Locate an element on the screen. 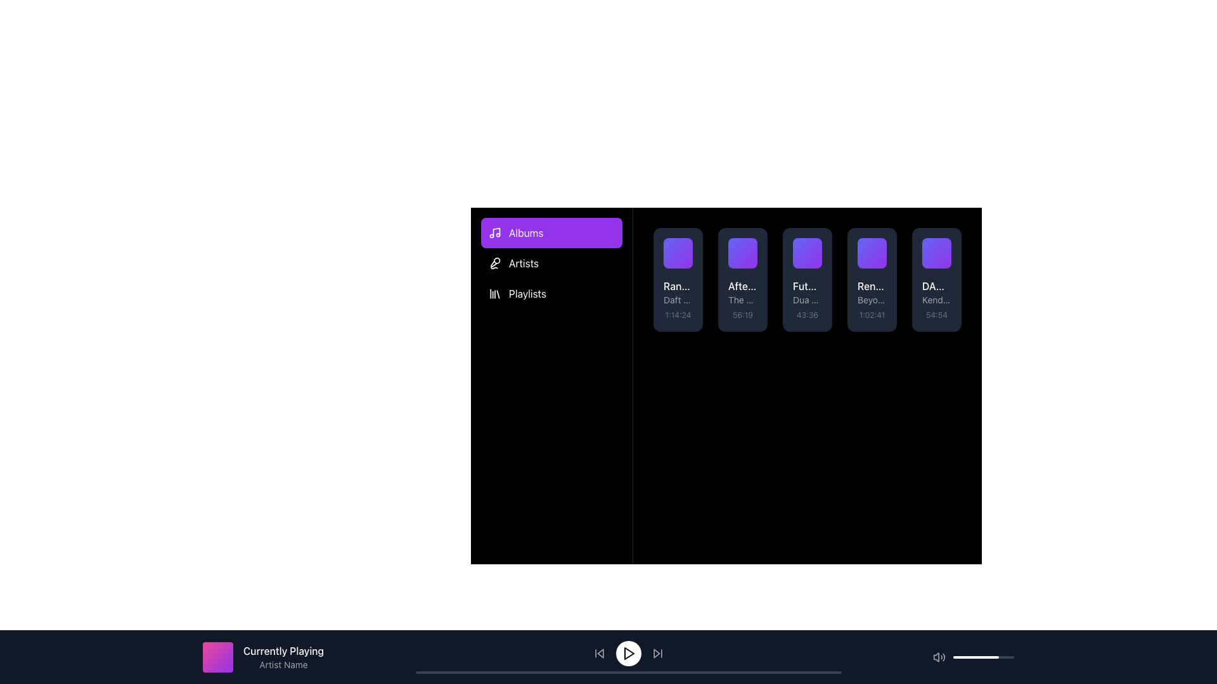 The width and height of the screenshot is (1217, 684). the heart-shaped icon outlined with a thin stroke, which symbolizes a favorite or like feature, located at the top part of the first album card in the second main column of the interface is located at coordinates (684, 246).